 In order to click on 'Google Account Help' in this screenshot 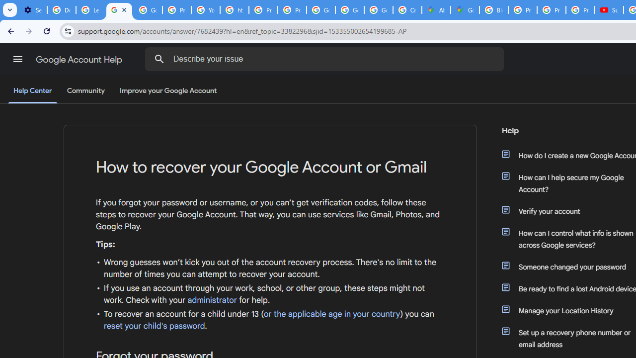, I will do `click(79, 59)`.